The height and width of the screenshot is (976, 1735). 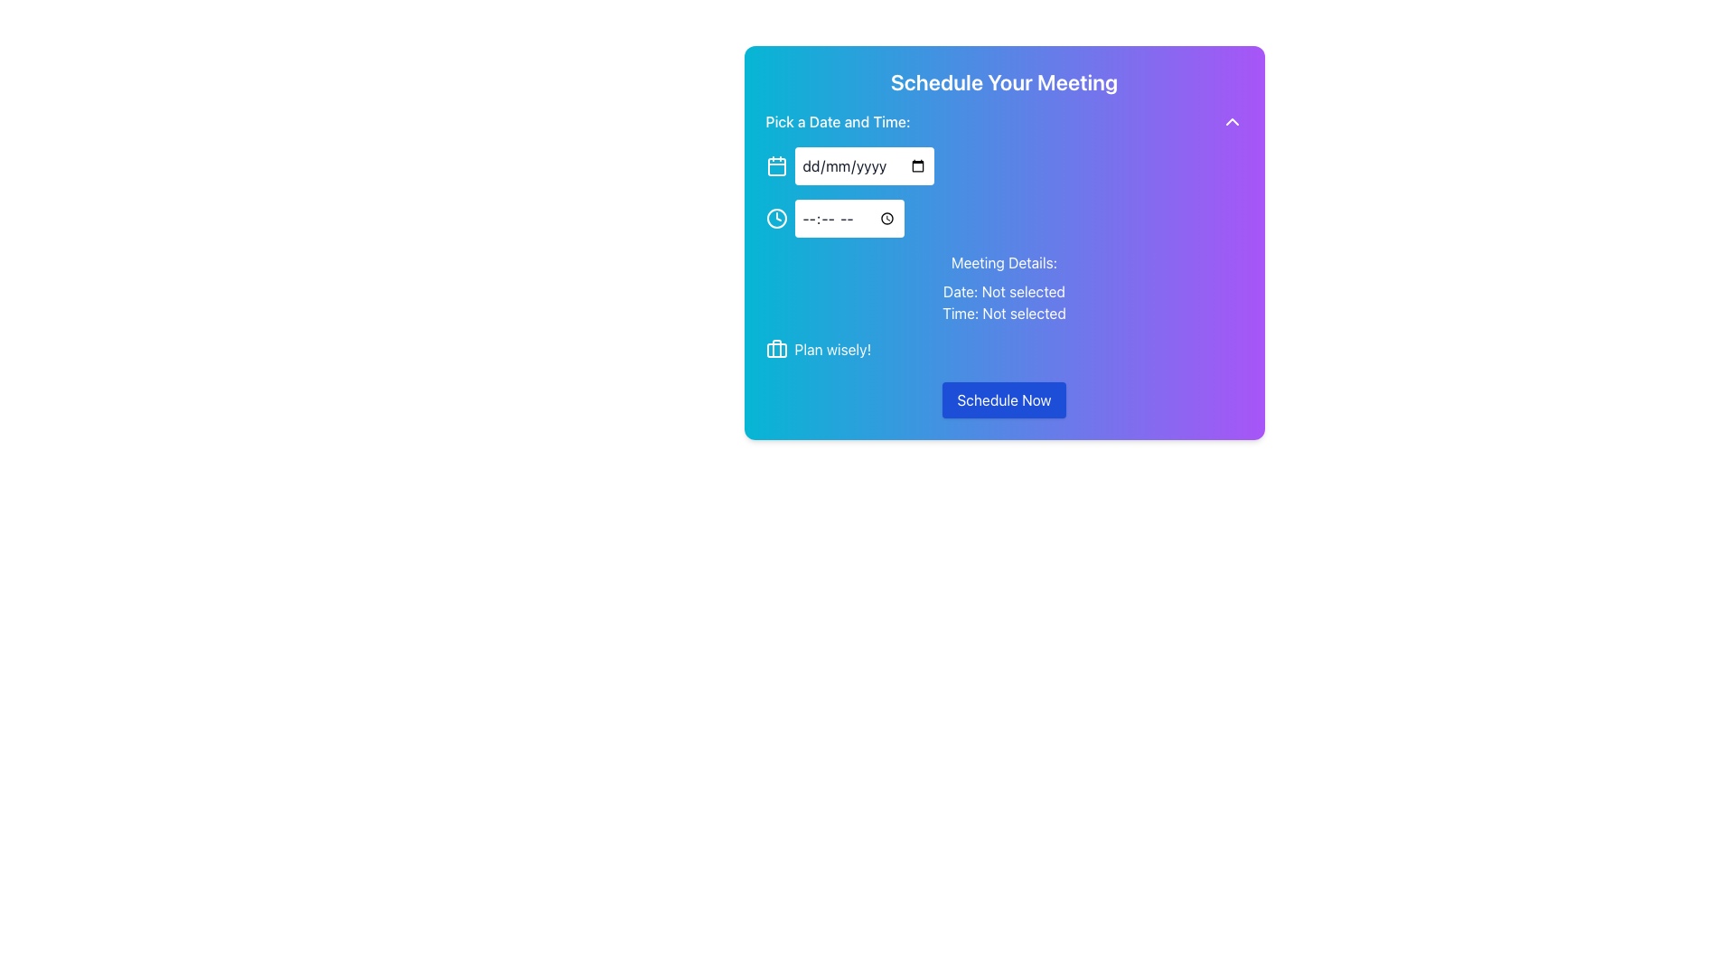 What do you see at coordinates (1003, 82) in the screenshot?
I see `static text header displaying 'Schedule Your Meeting', which is centrally aligned and prominently styled in a large, bold white font against a gradient background` at bounding box center [1003, 82].